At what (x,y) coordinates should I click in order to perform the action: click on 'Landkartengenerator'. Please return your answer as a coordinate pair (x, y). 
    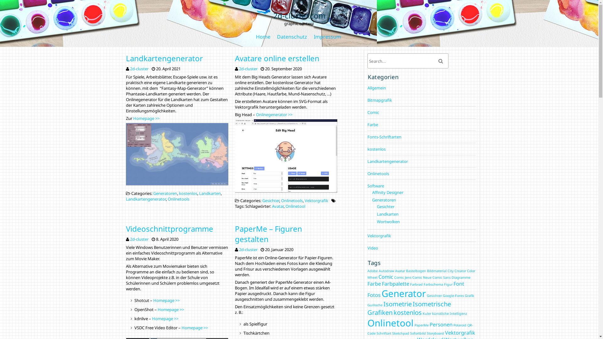
    Looking at the image, I should click on (145, 199).